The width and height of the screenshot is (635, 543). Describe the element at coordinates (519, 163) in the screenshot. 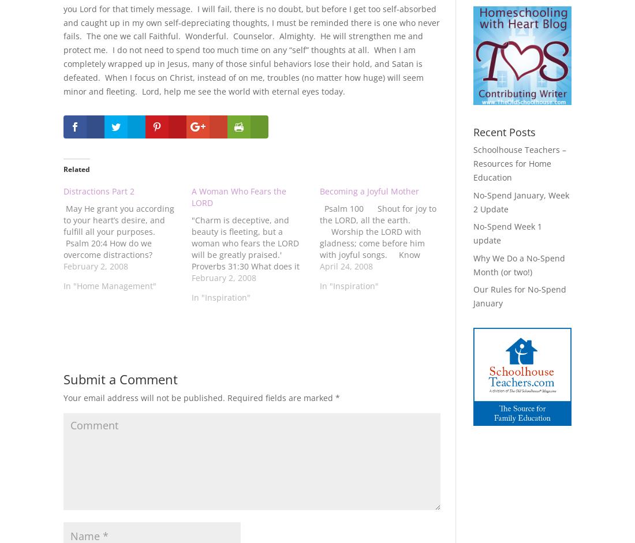

I see `'Schoolhouse Teachers – Resources for Home Education'` at that location.